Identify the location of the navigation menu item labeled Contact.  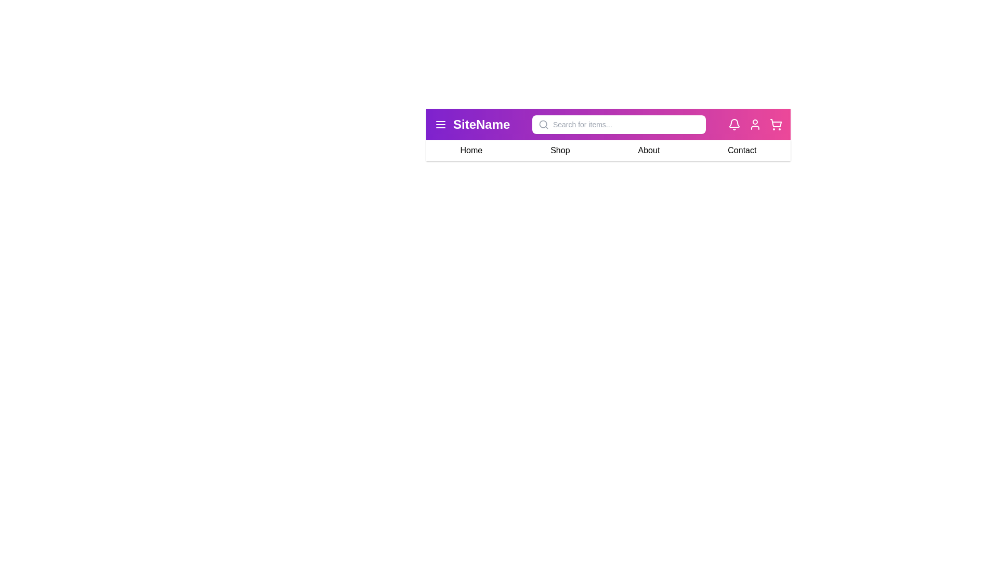
(741, 150).